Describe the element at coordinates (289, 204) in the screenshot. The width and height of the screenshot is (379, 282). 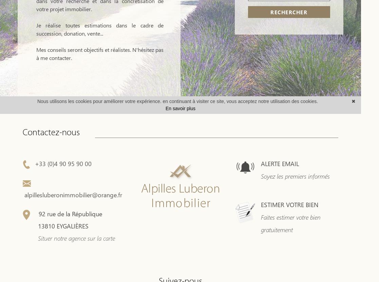
I see `'ESTIMER VOTRE BIEN'` at that location.